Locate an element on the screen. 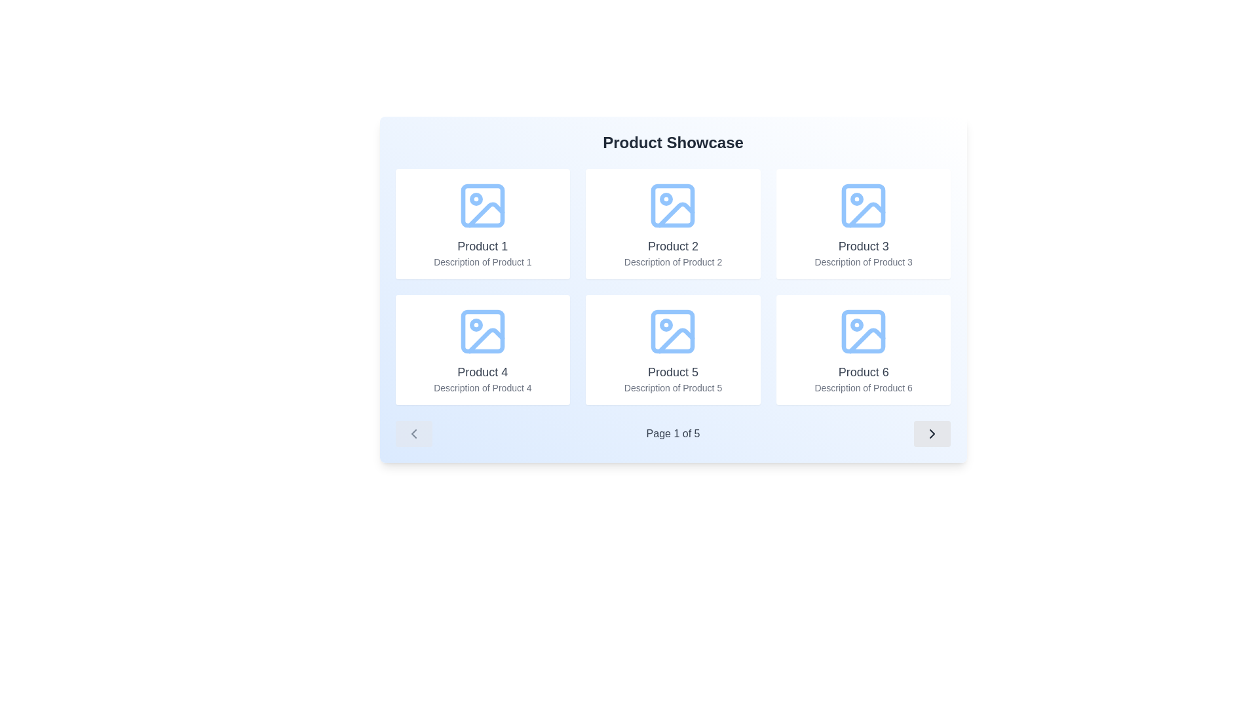  the product card located in the second row, first column of the grid, which contains an image icon, title, and description is located at coordinates (481, 349).